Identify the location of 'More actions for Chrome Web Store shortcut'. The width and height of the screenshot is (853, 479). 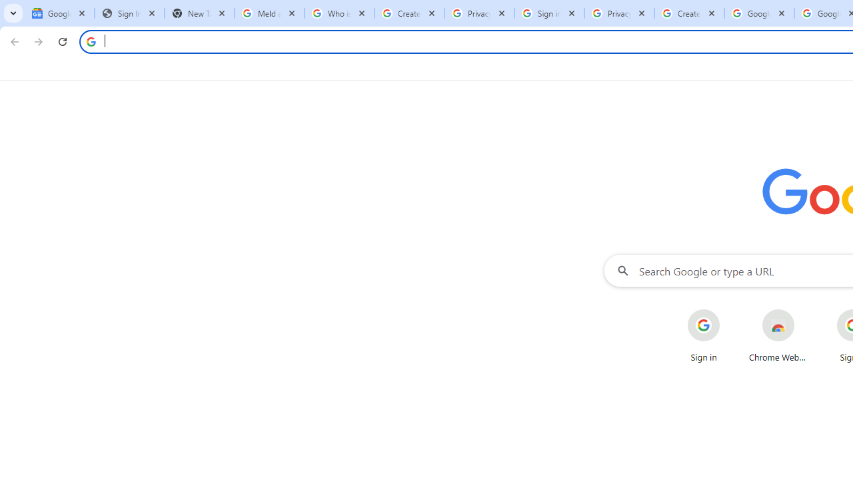
(804, 310).